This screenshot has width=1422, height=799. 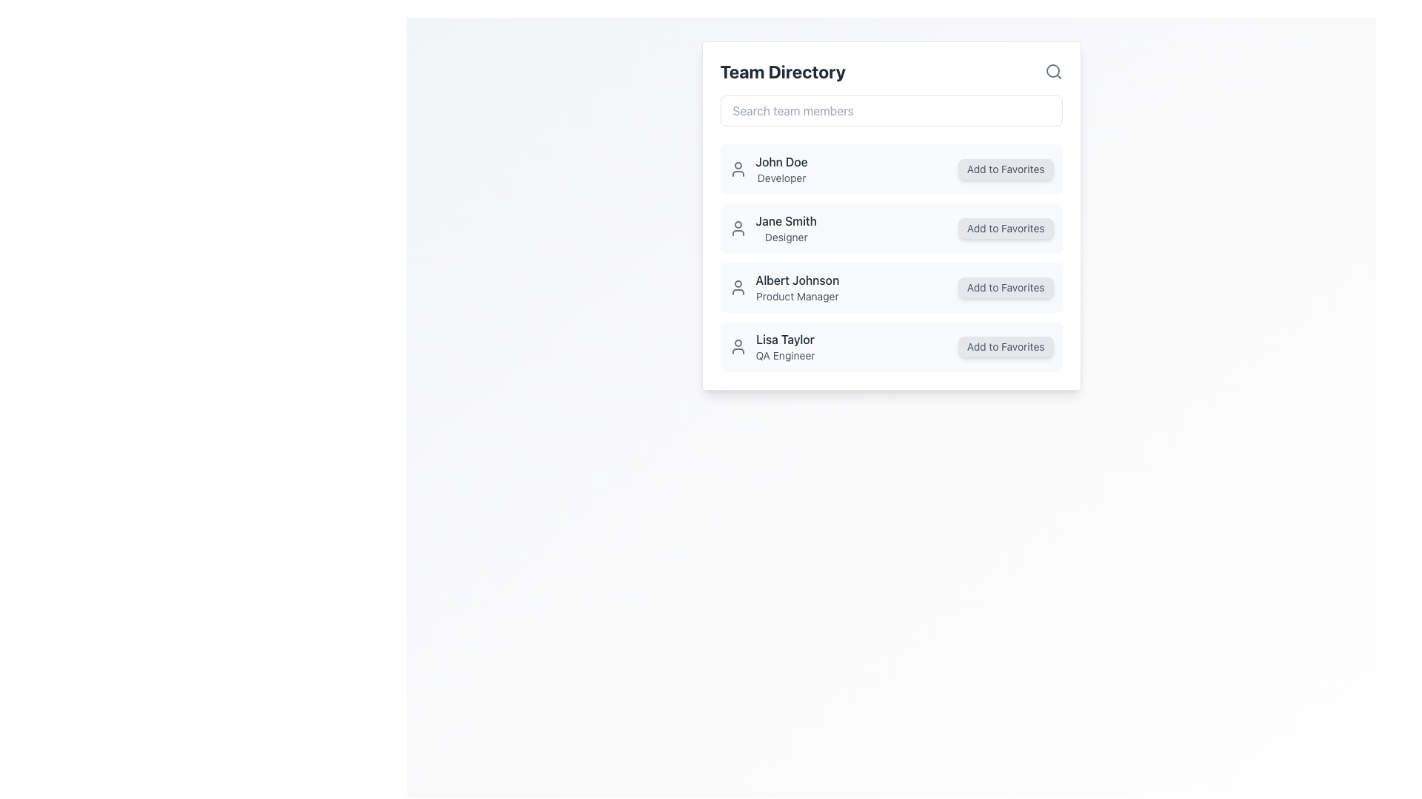 I want to click on the magnifying glass icon located at the top-right corner of the 'Team Directory' header section to initiate search-related functionality, so click(x=1052, y=71).